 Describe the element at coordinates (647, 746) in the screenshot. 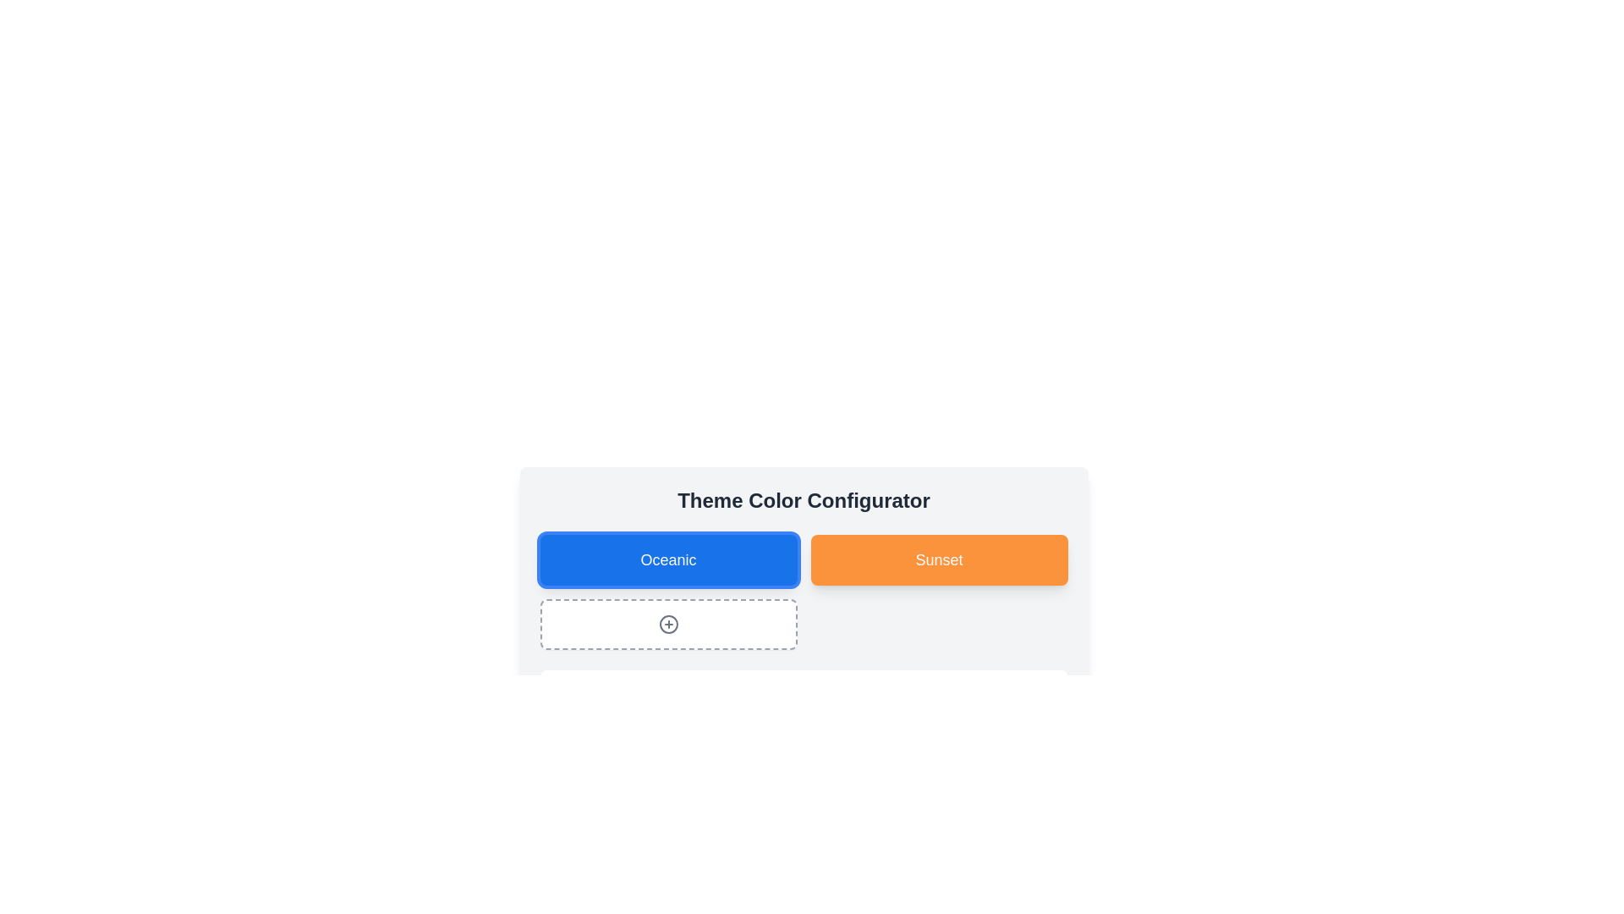

I see `the colored decorative square or card that is the second item in the horizontal group below the 'Theme Color Configurator' section` at that location.